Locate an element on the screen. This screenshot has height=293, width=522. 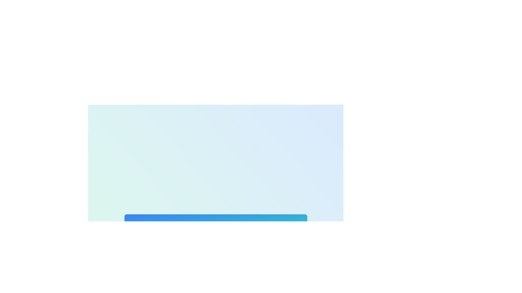
the 'Overview' segment of the Segmented Control to observe the hover effect is located at coordinates (149, 251).